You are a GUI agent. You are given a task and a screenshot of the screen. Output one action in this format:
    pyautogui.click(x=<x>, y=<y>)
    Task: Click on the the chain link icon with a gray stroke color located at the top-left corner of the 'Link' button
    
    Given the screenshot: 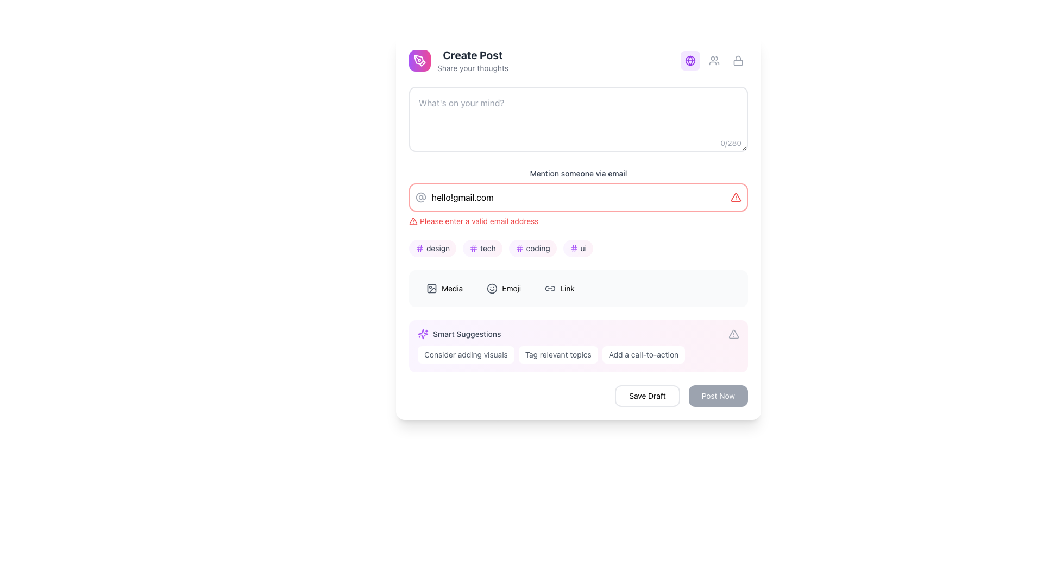 What is the action you would take?
    pyautogui.click(x=550, y=288)
    